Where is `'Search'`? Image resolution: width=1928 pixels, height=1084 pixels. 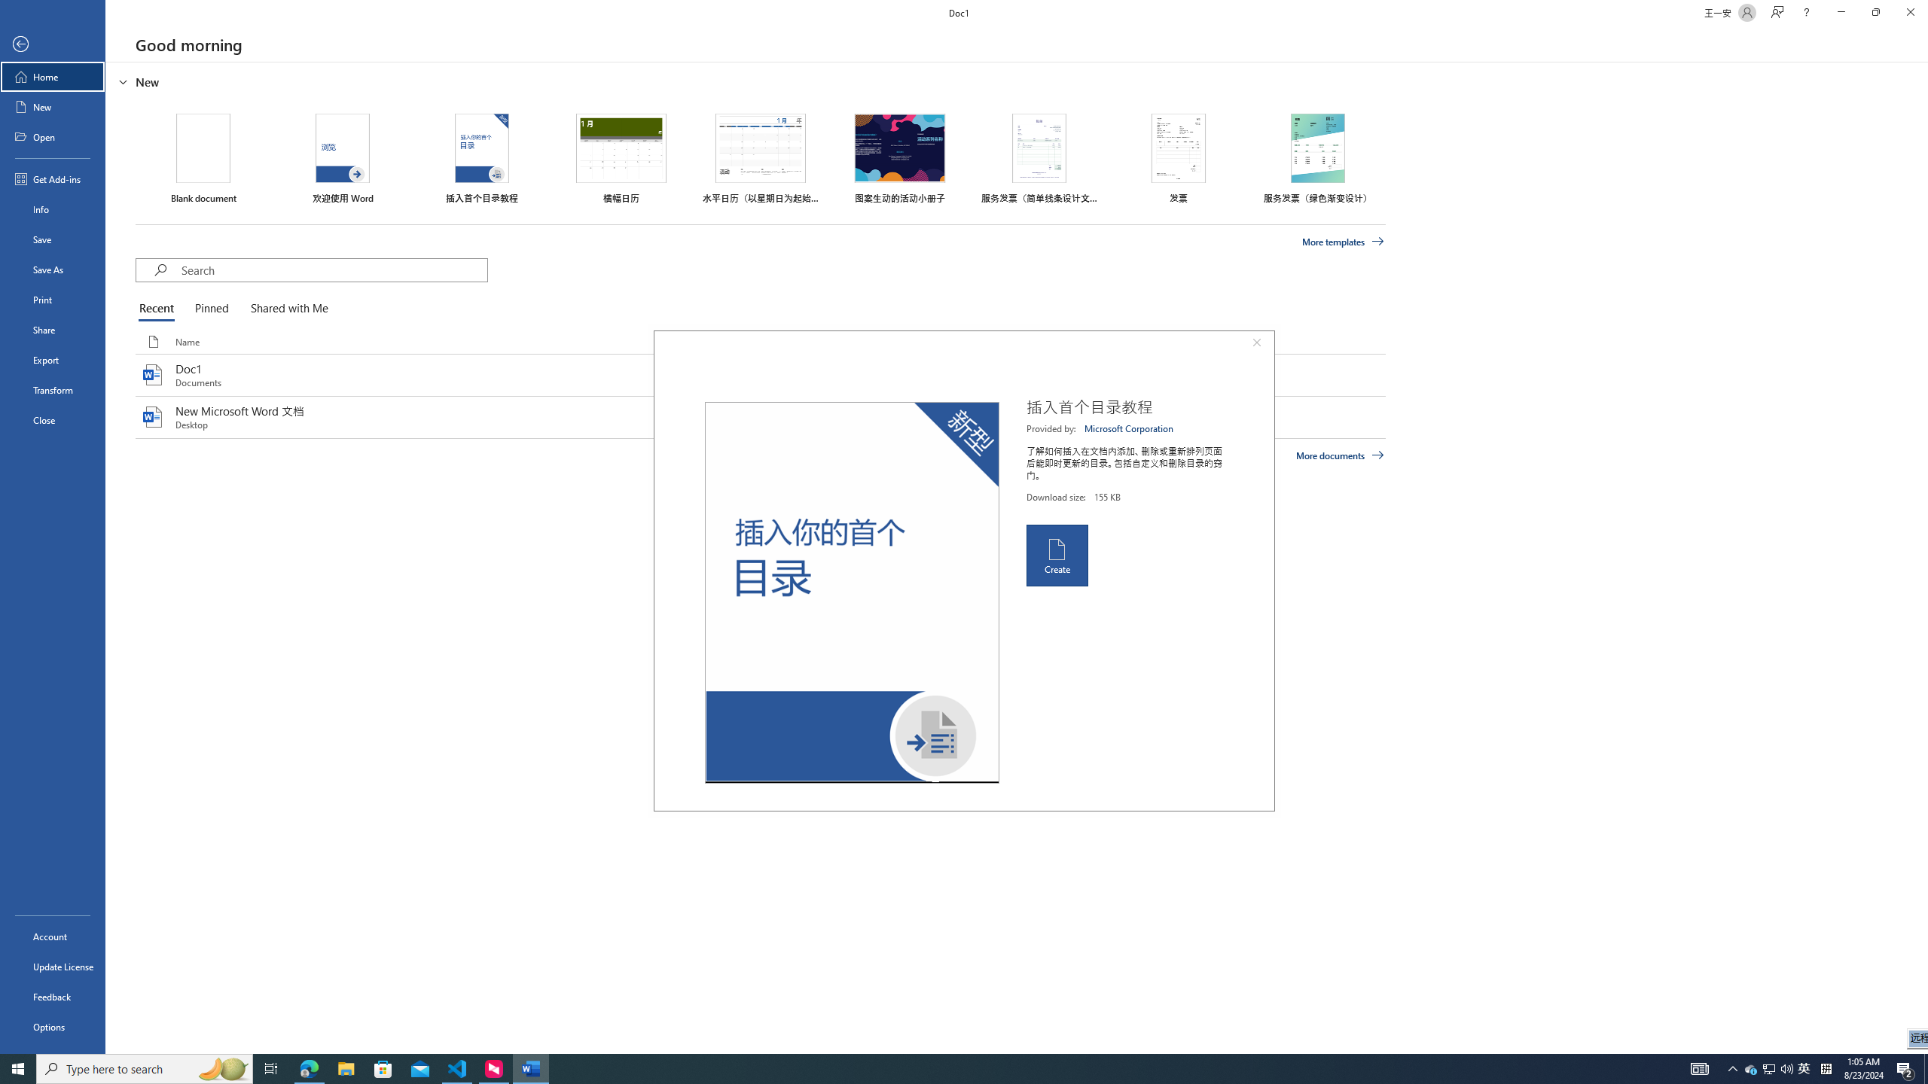
'Search' is located at coordinates (334, 269).